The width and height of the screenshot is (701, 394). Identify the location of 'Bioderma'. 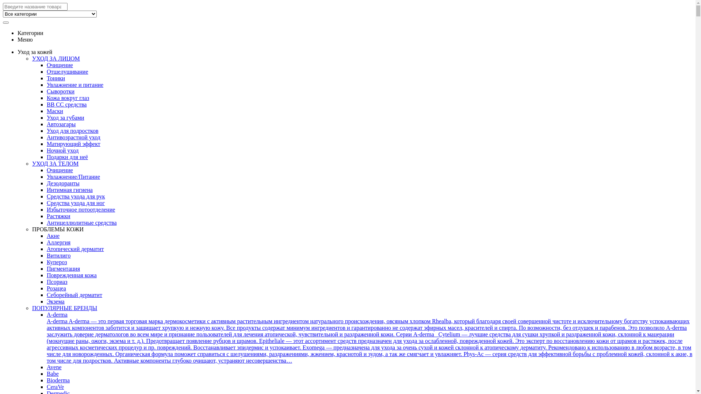
(58, 380).